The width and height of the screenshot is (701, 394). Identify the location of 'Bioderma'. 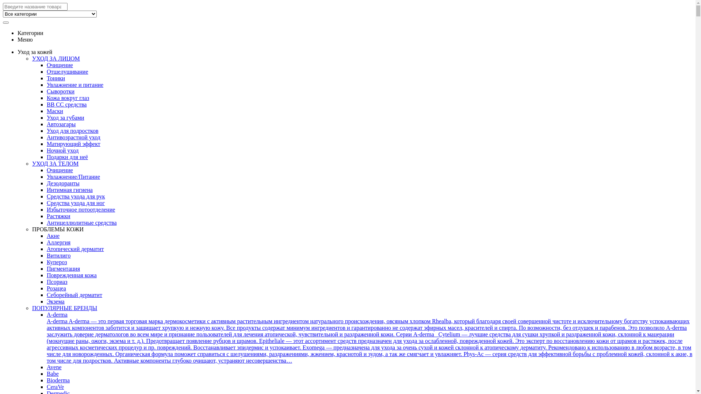
(58, 380).